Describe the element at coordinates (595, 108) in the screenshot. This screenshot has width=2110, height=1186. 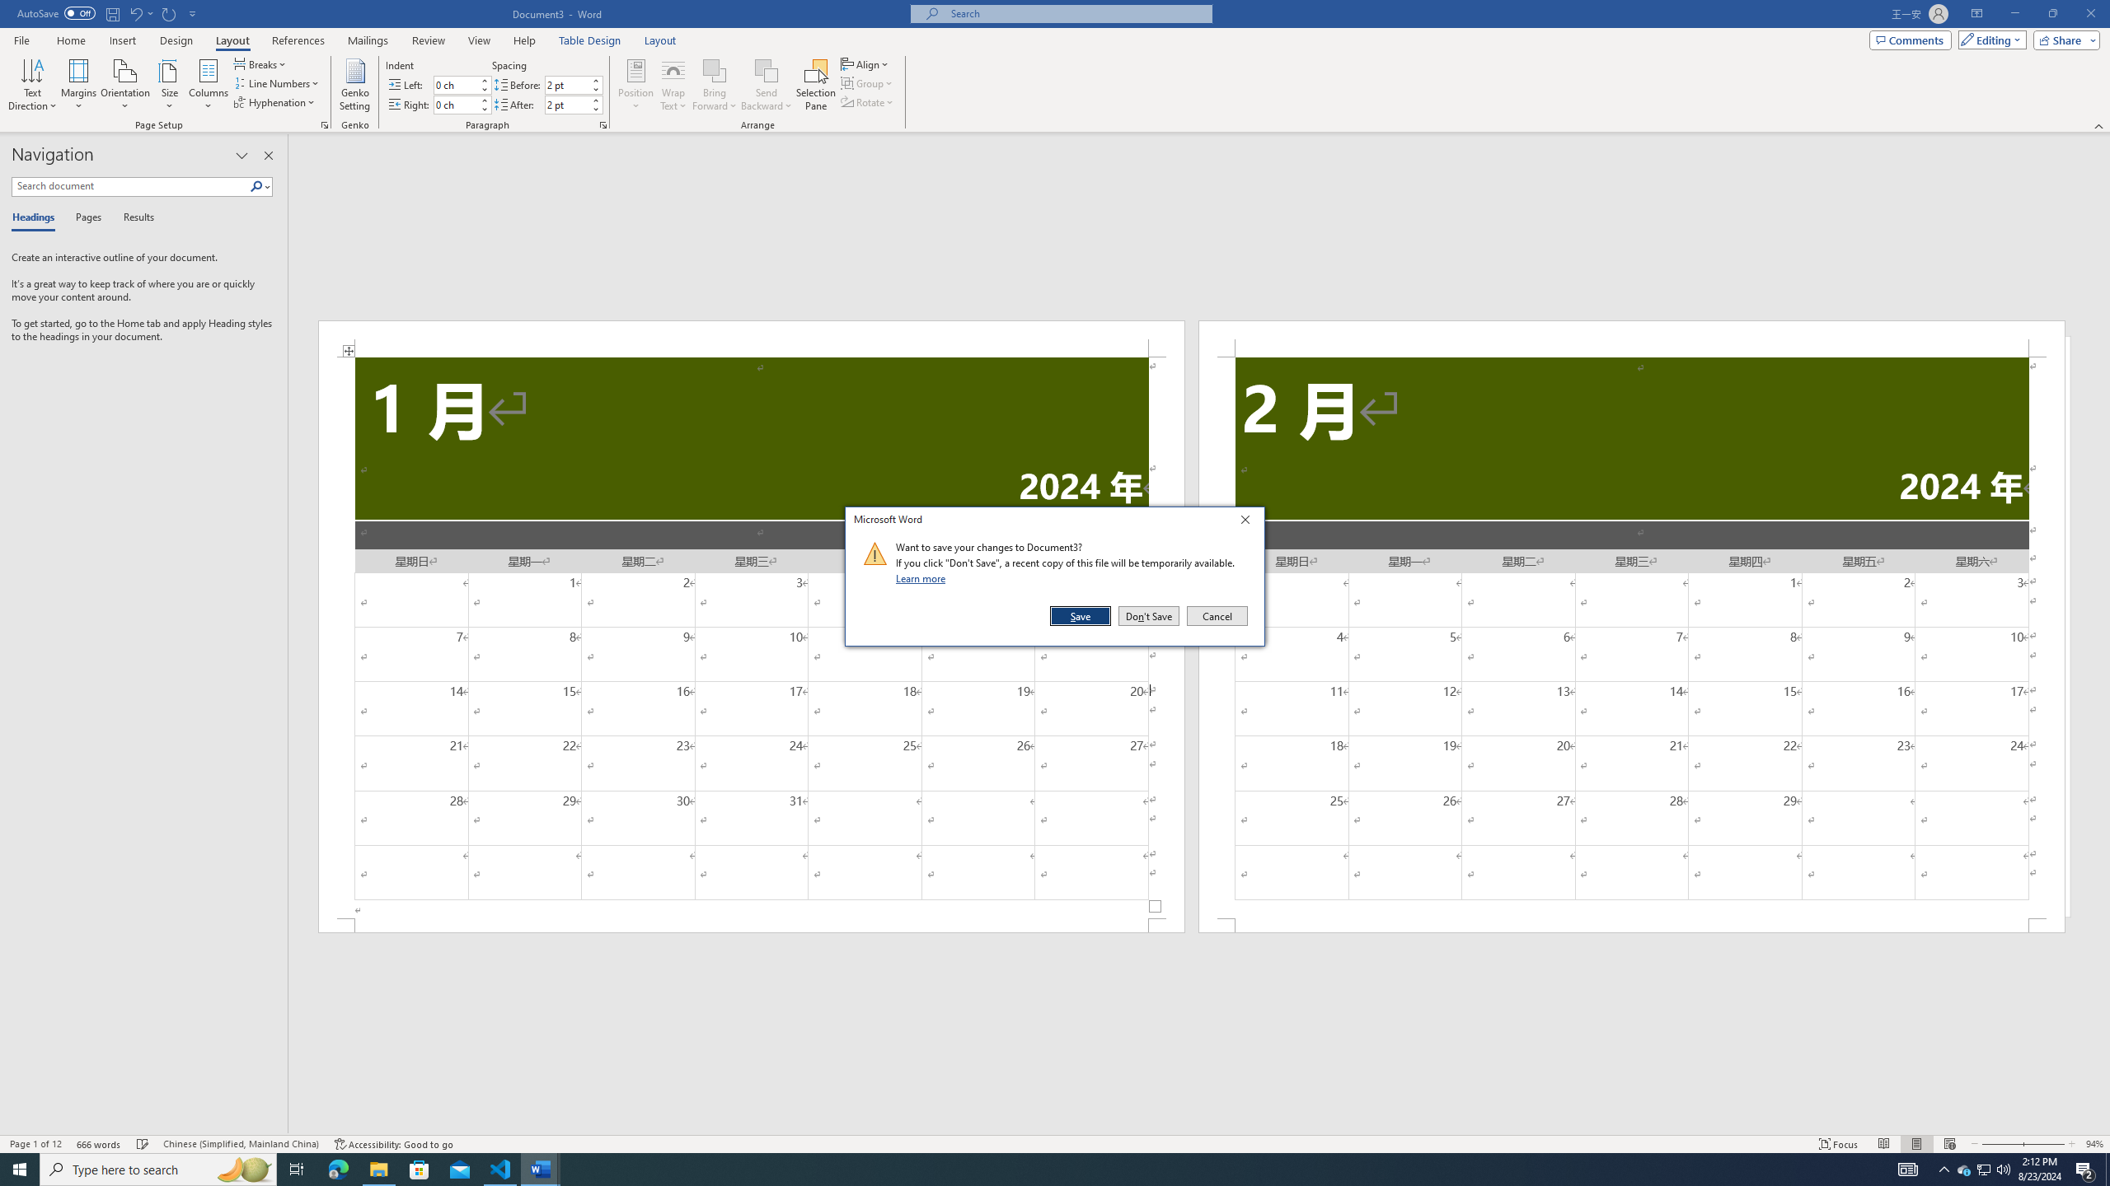
I see `'Less'` at that location.